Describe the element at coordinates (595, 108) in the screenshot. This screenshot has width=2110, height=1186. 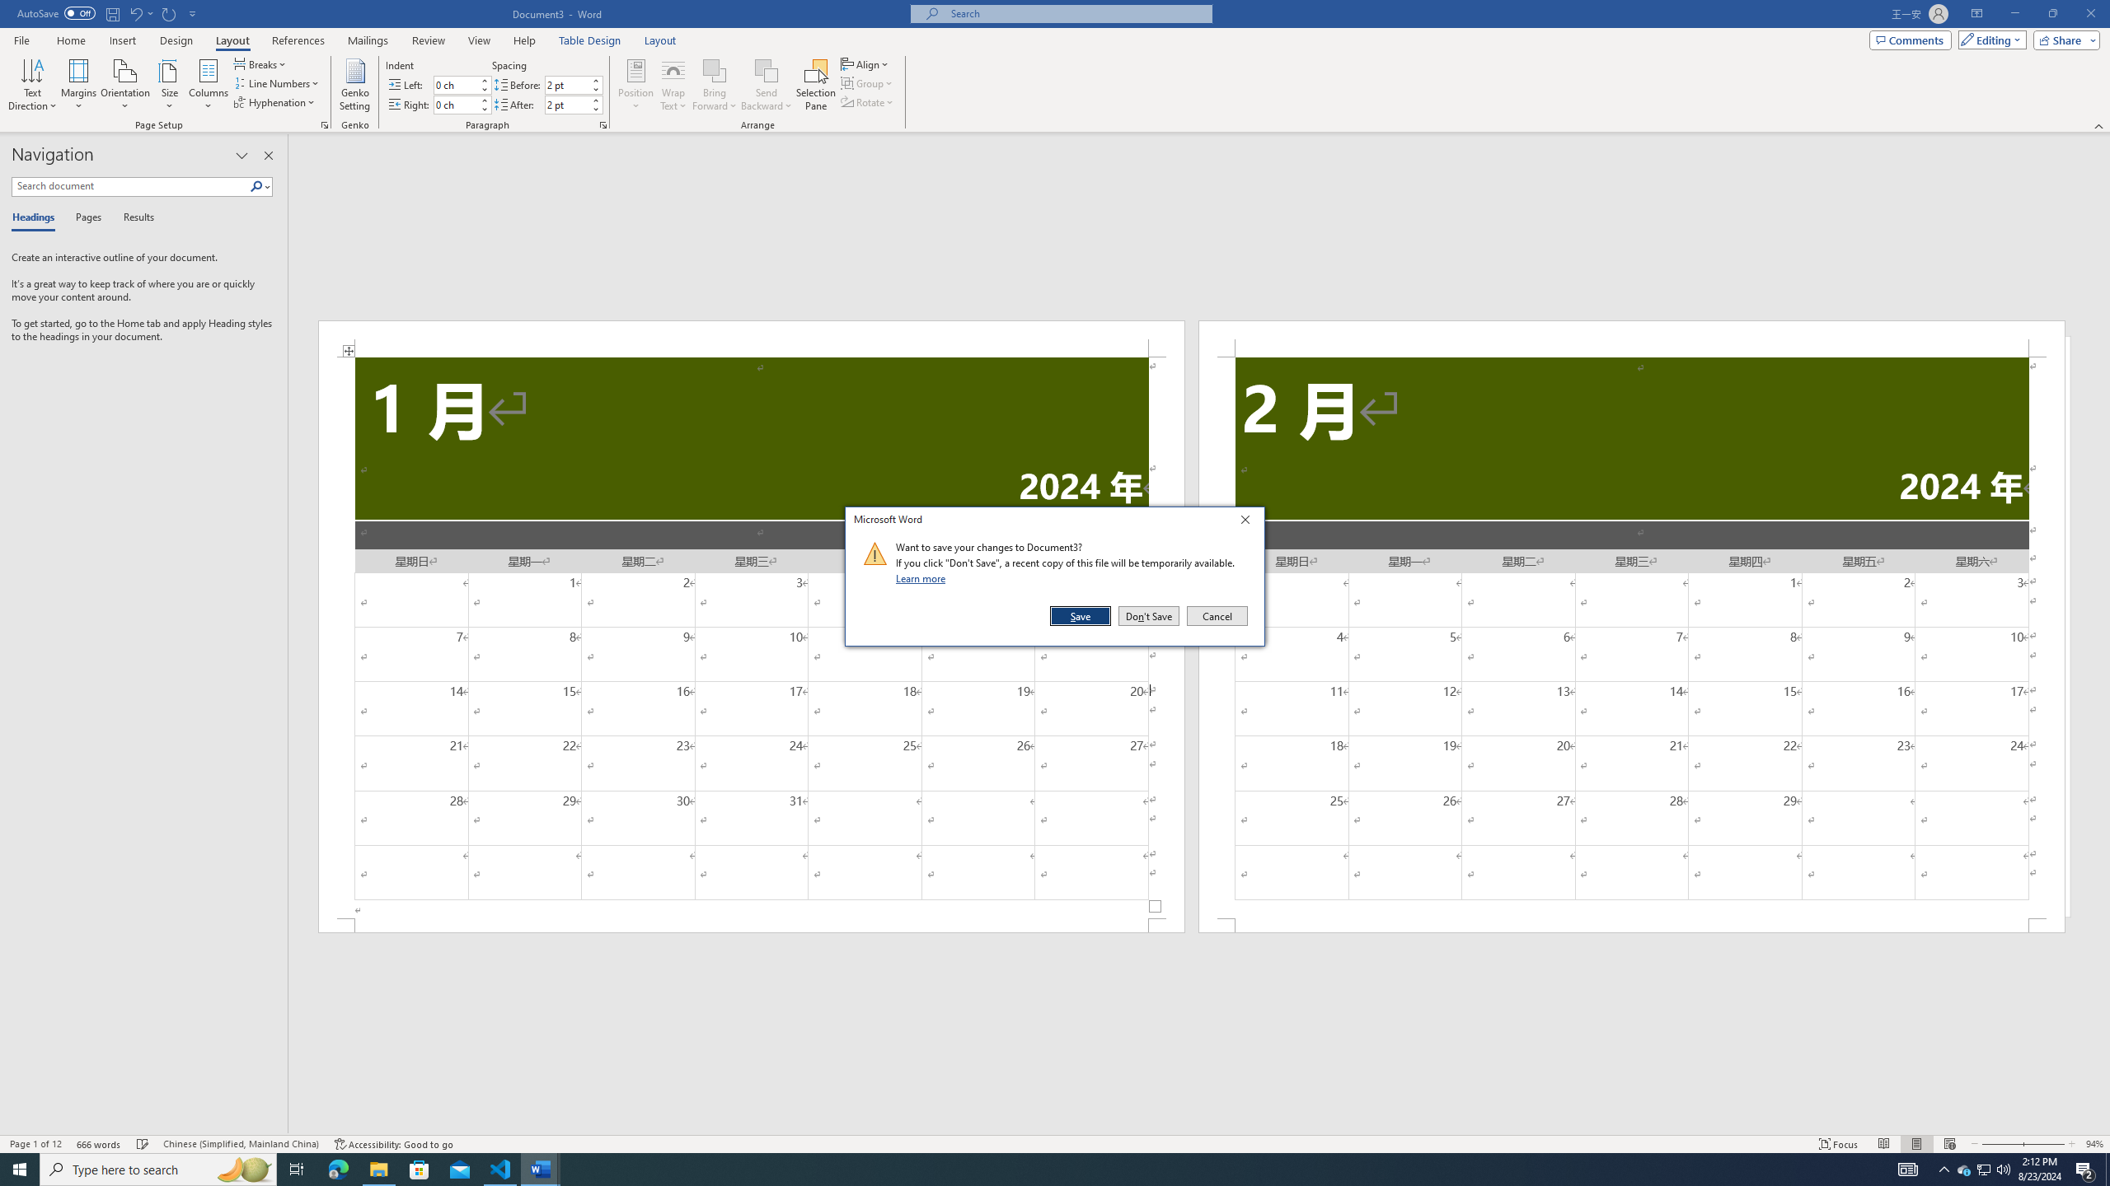
I see `'Less'` at that location.